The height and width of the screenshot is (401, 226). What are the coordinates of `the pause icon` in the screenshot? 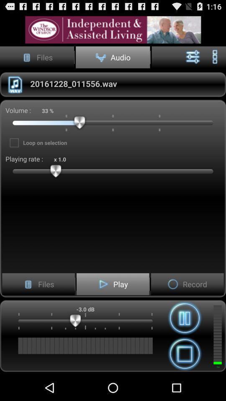 It's located at (185, 340).